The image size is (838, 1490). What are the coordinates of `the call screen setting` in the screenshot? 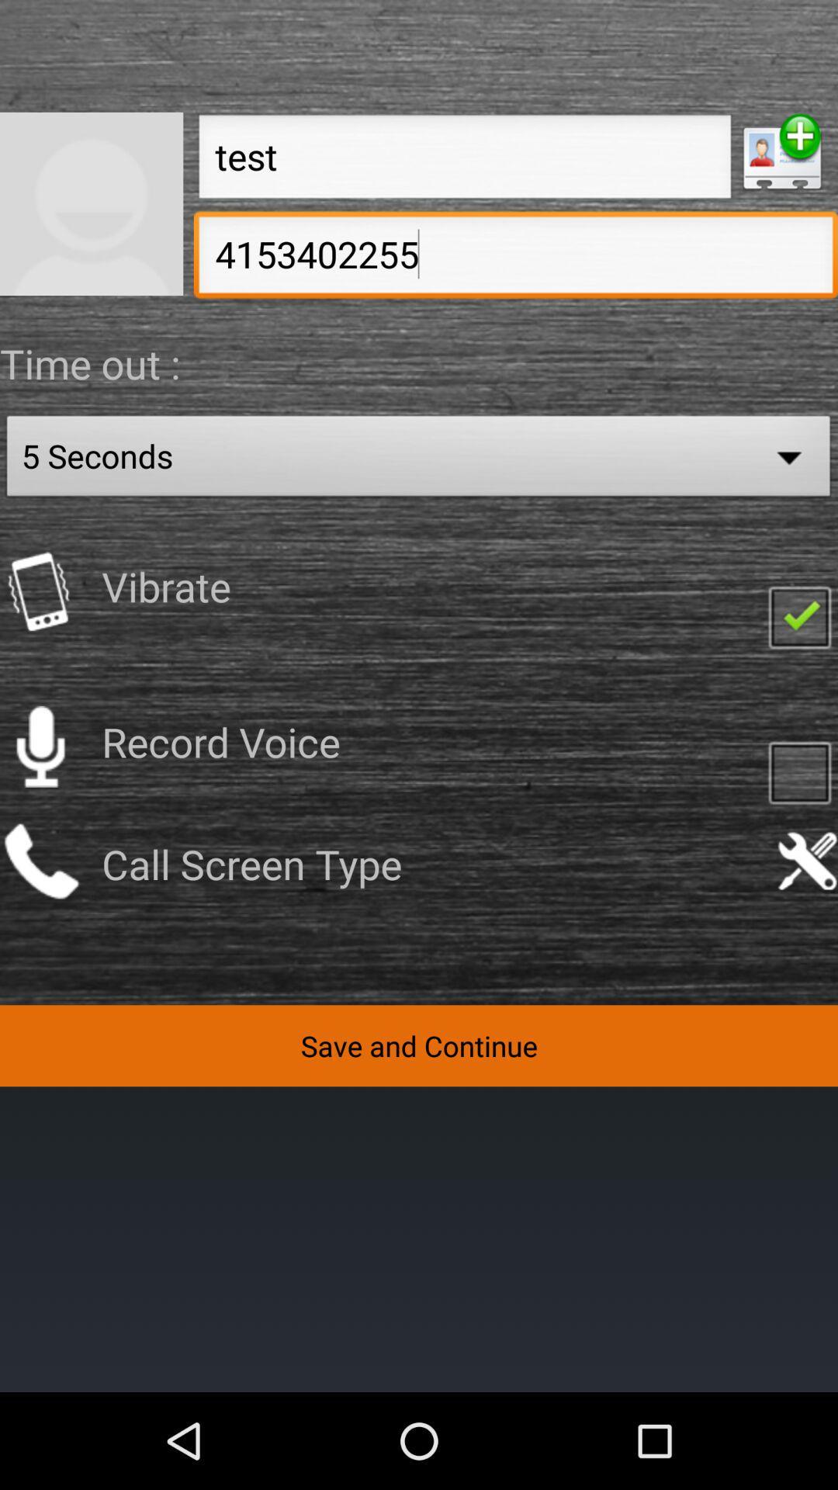 It's located at (806, 861).